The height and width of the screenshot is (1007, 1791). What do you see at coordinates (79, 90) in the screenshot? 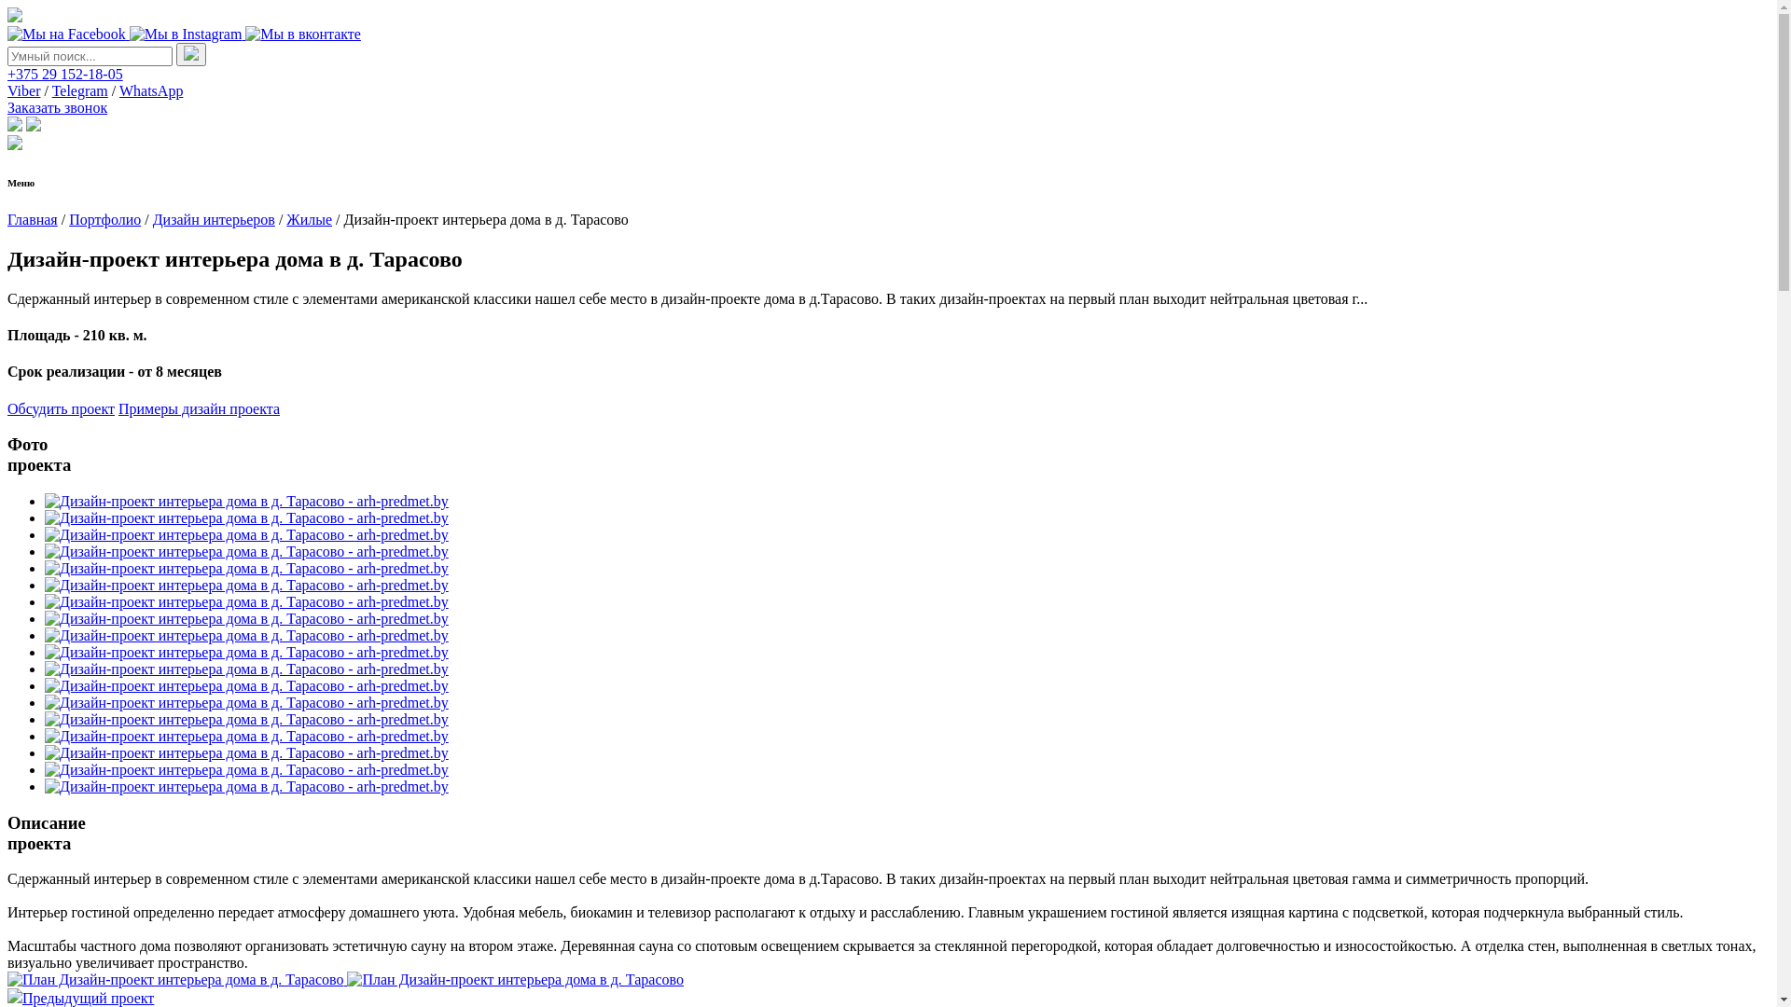
I see `'Telegram'` at bounding box center [79, 90].